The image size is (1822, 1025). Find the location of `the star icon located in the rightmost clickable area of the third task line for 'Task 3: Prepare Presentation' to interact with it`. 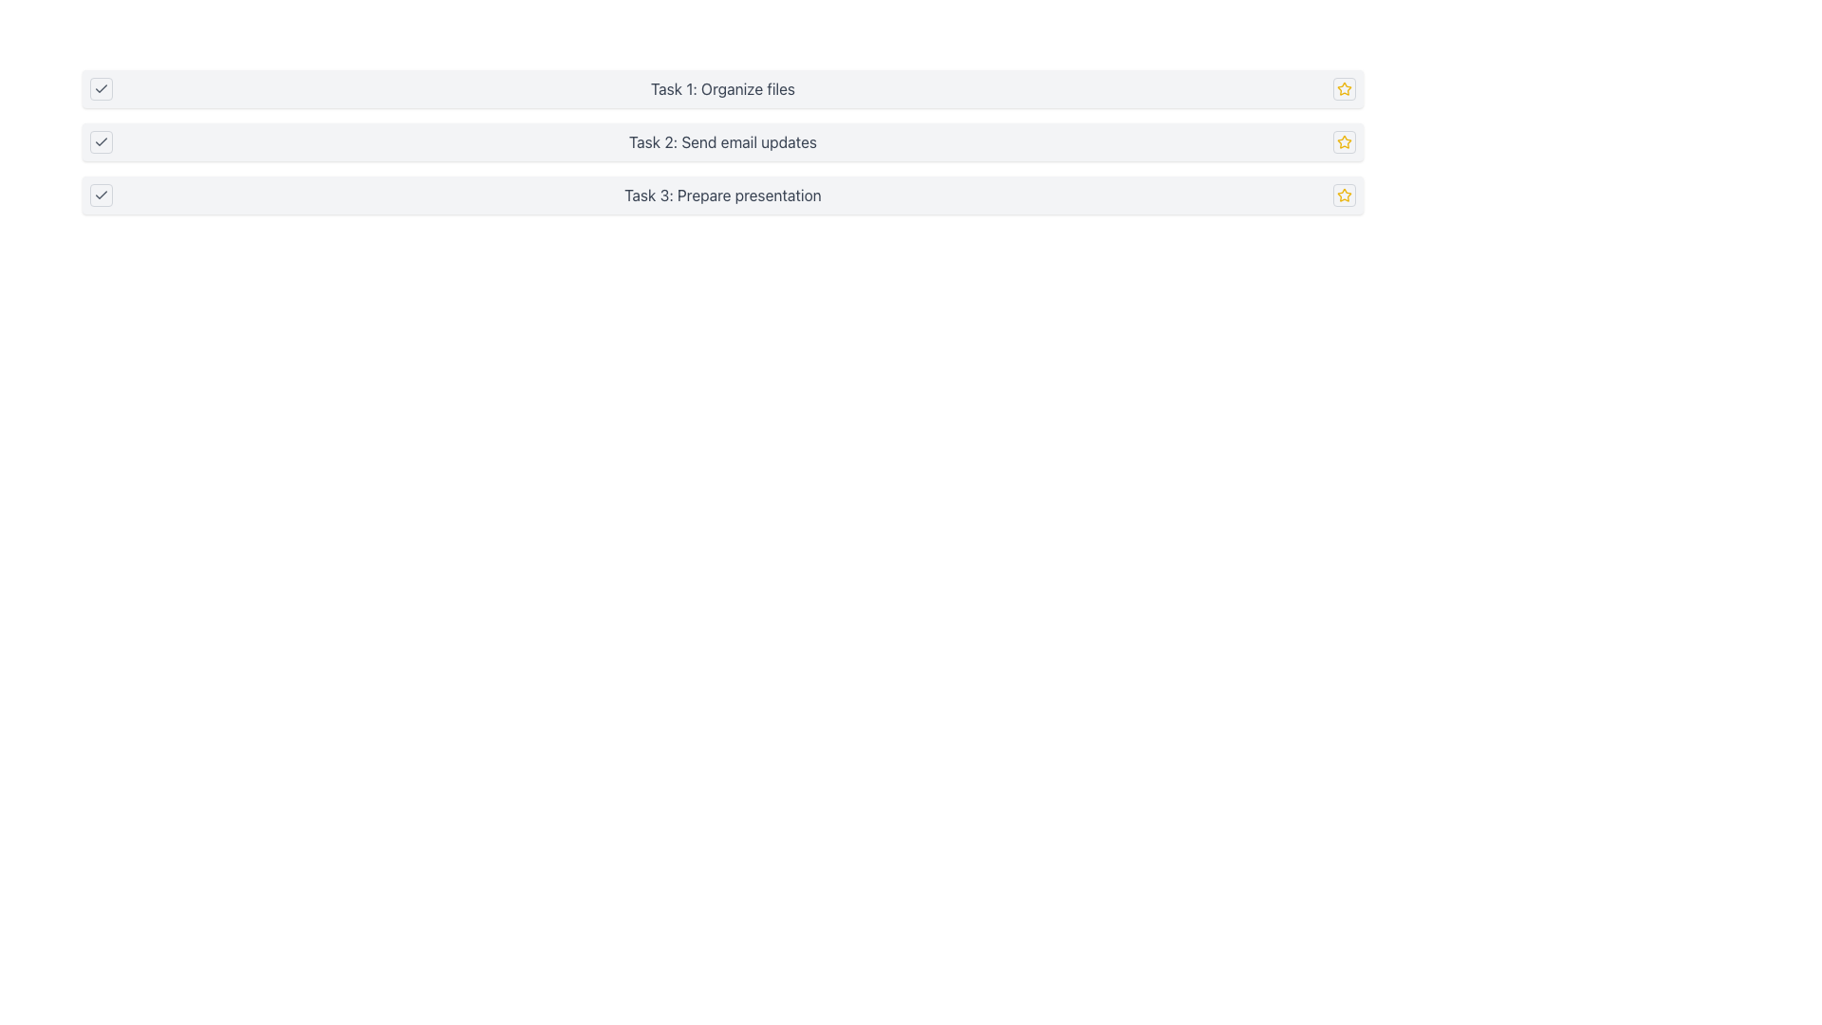

the star icon located in the rightmost clickable area of the third task line for 'Task 3: Prepare Presentation' to interact with it is located at coordinates (1343, 195).